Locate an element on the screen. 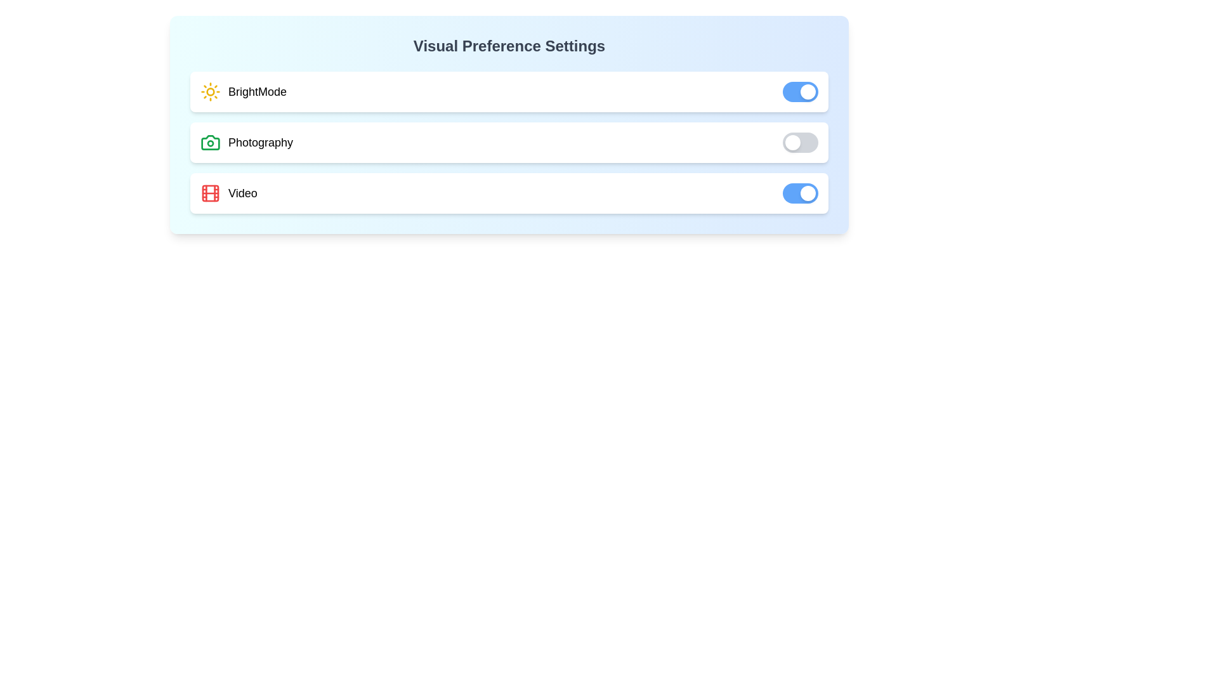 The image size is (1218, 685). the toggle button for Photography to change its state is located at coordinates (800, 142).